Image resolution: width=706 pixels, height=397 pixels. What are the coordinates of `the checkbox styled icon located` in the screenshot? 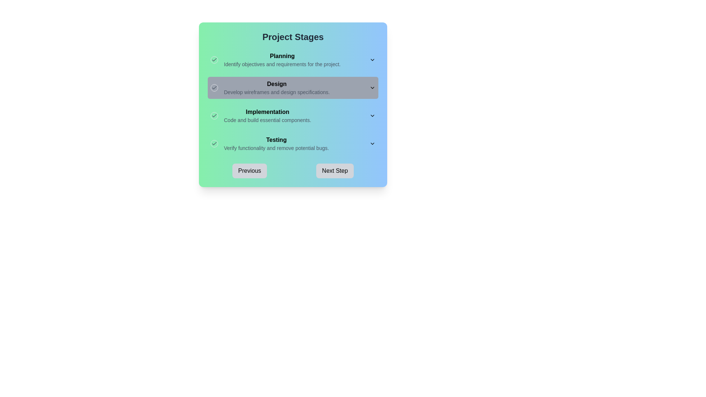 It's located at (214, 59).